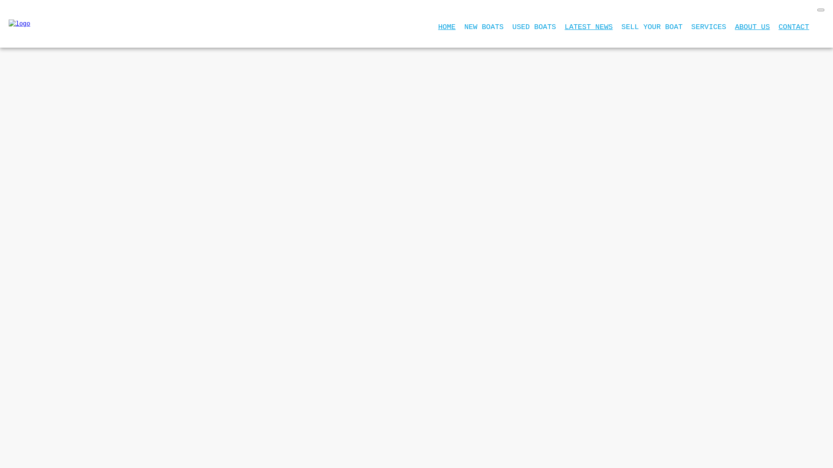  I want to click on 'USED BOATS', so click(534, 26).